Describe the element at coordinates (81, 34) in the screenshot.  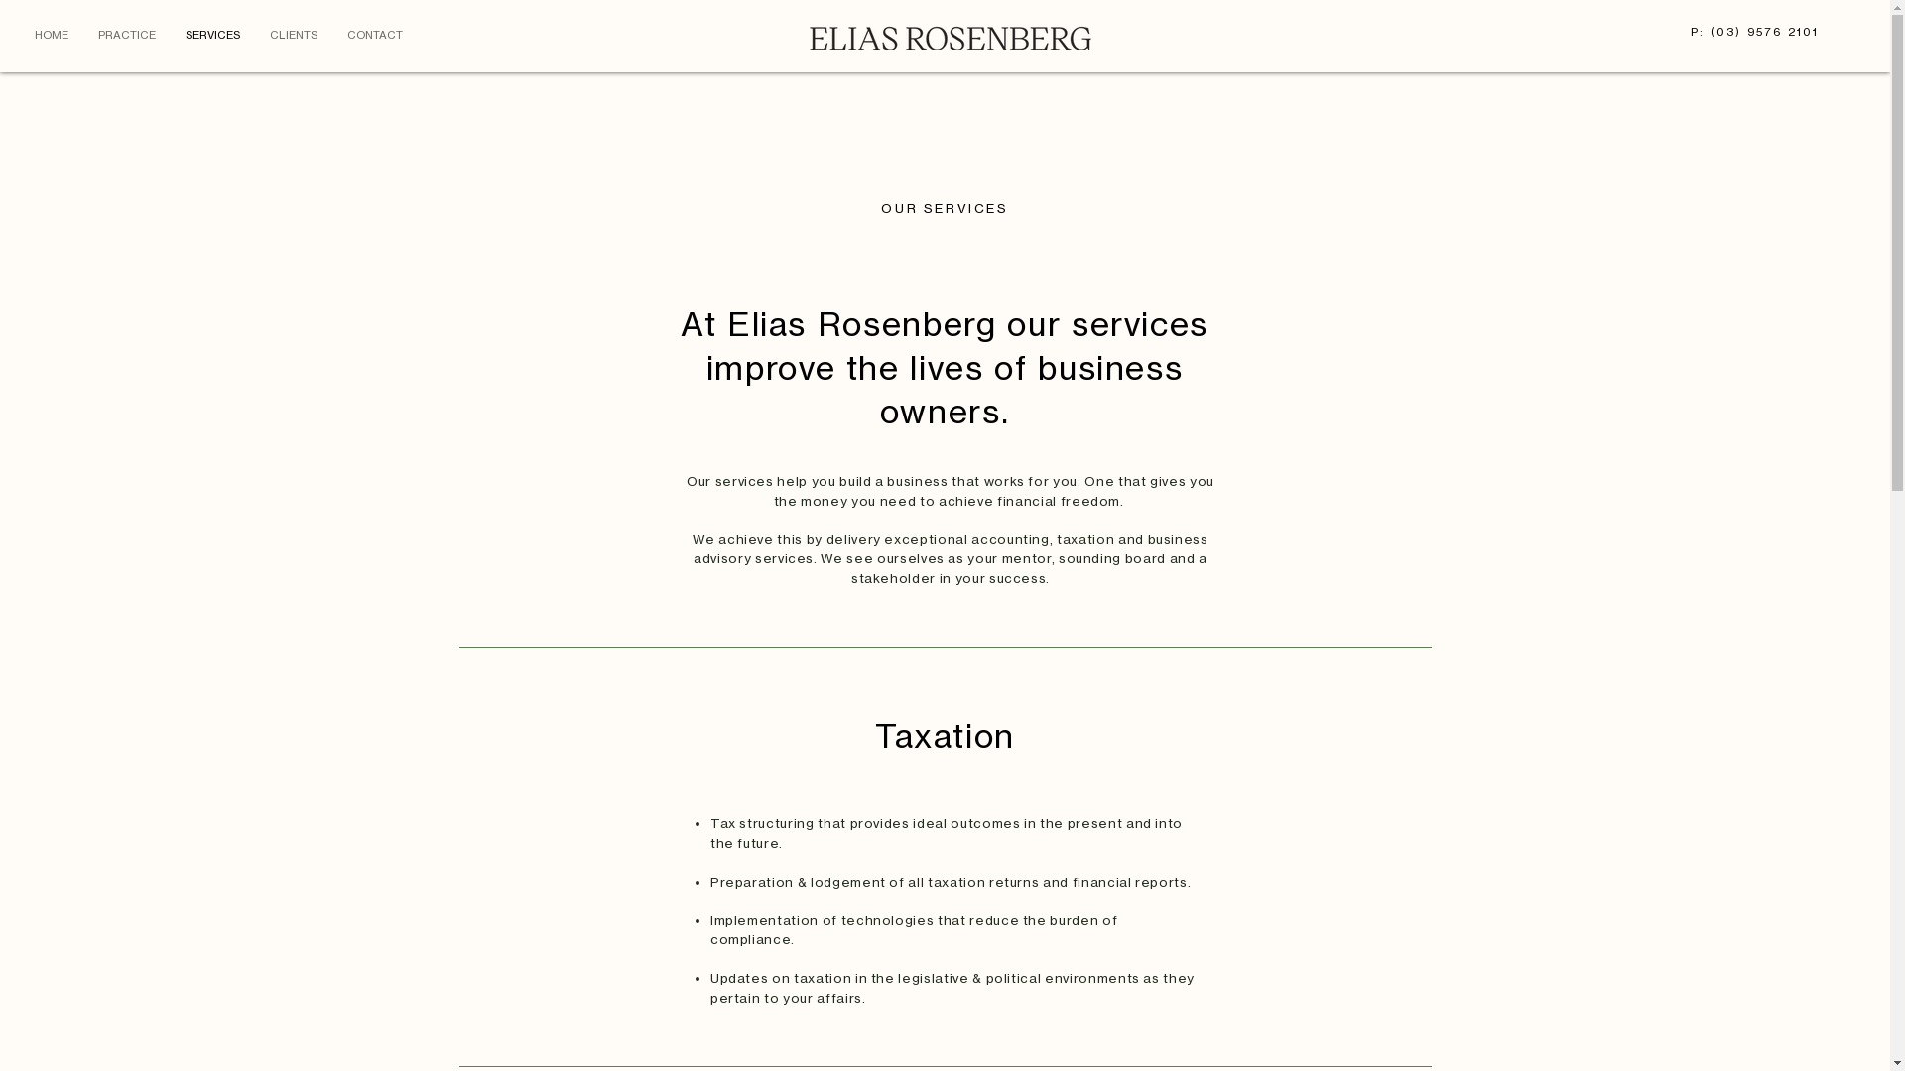
I see `'PRACTICE'` at that location.